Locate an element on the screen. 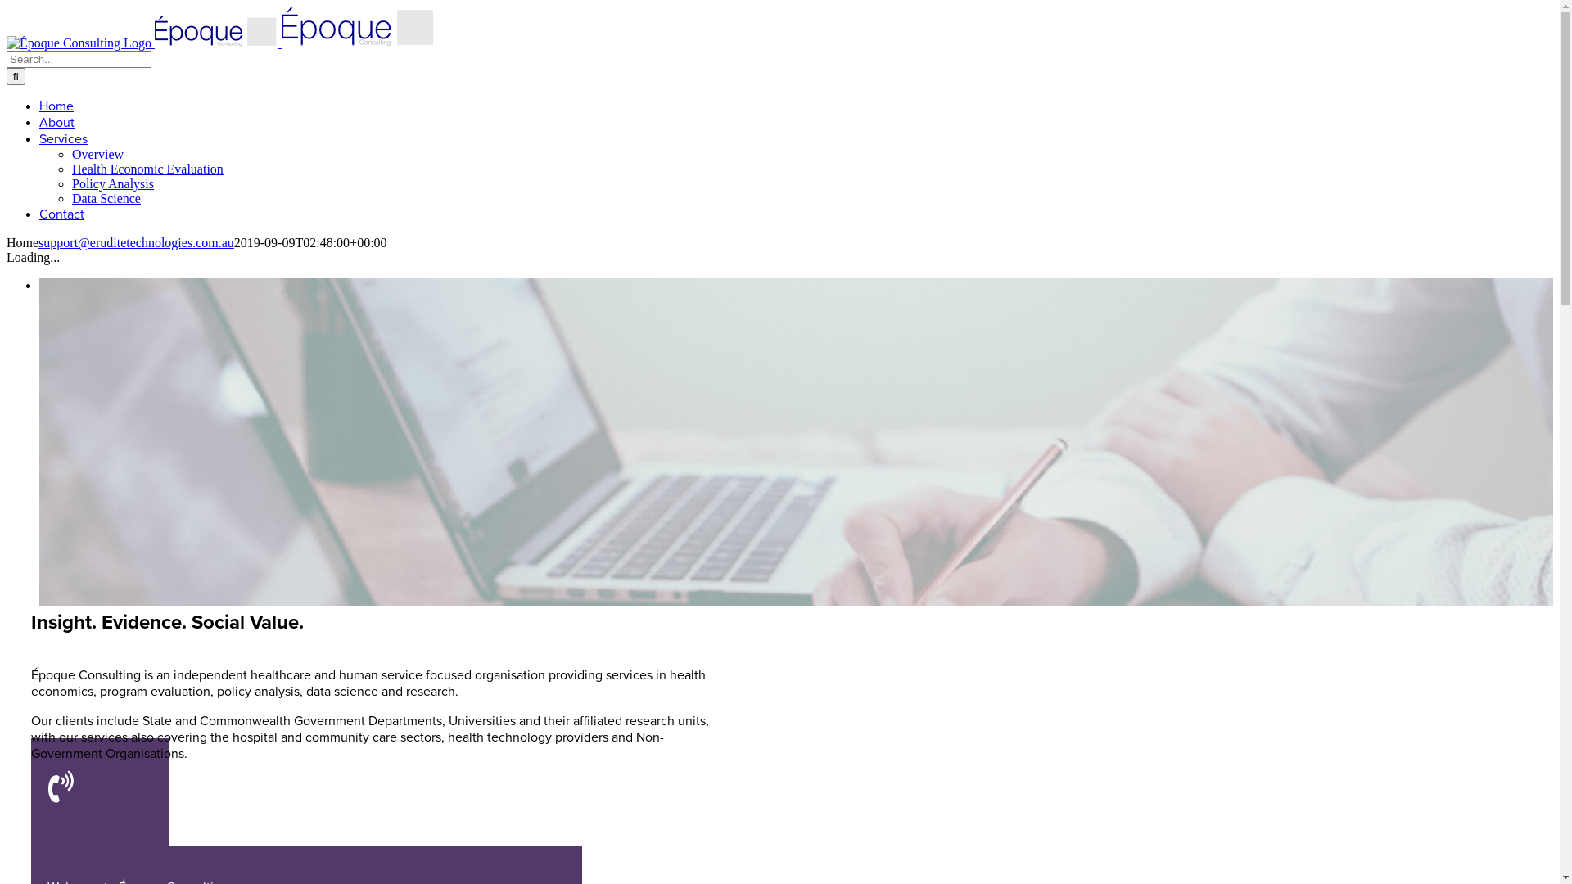  'Skip to content' is located at coordinates (6, 6).